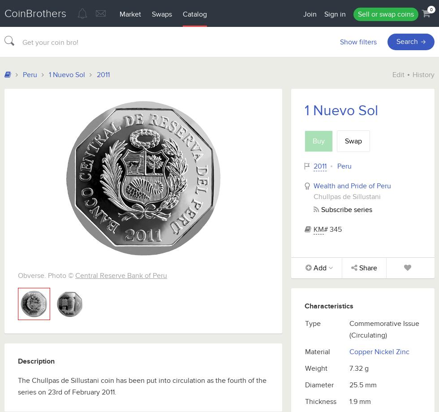  What do you see at coordinates (358, 41) in the screenshot?
I see `'Show filters'` at bounding box center [358, 41].